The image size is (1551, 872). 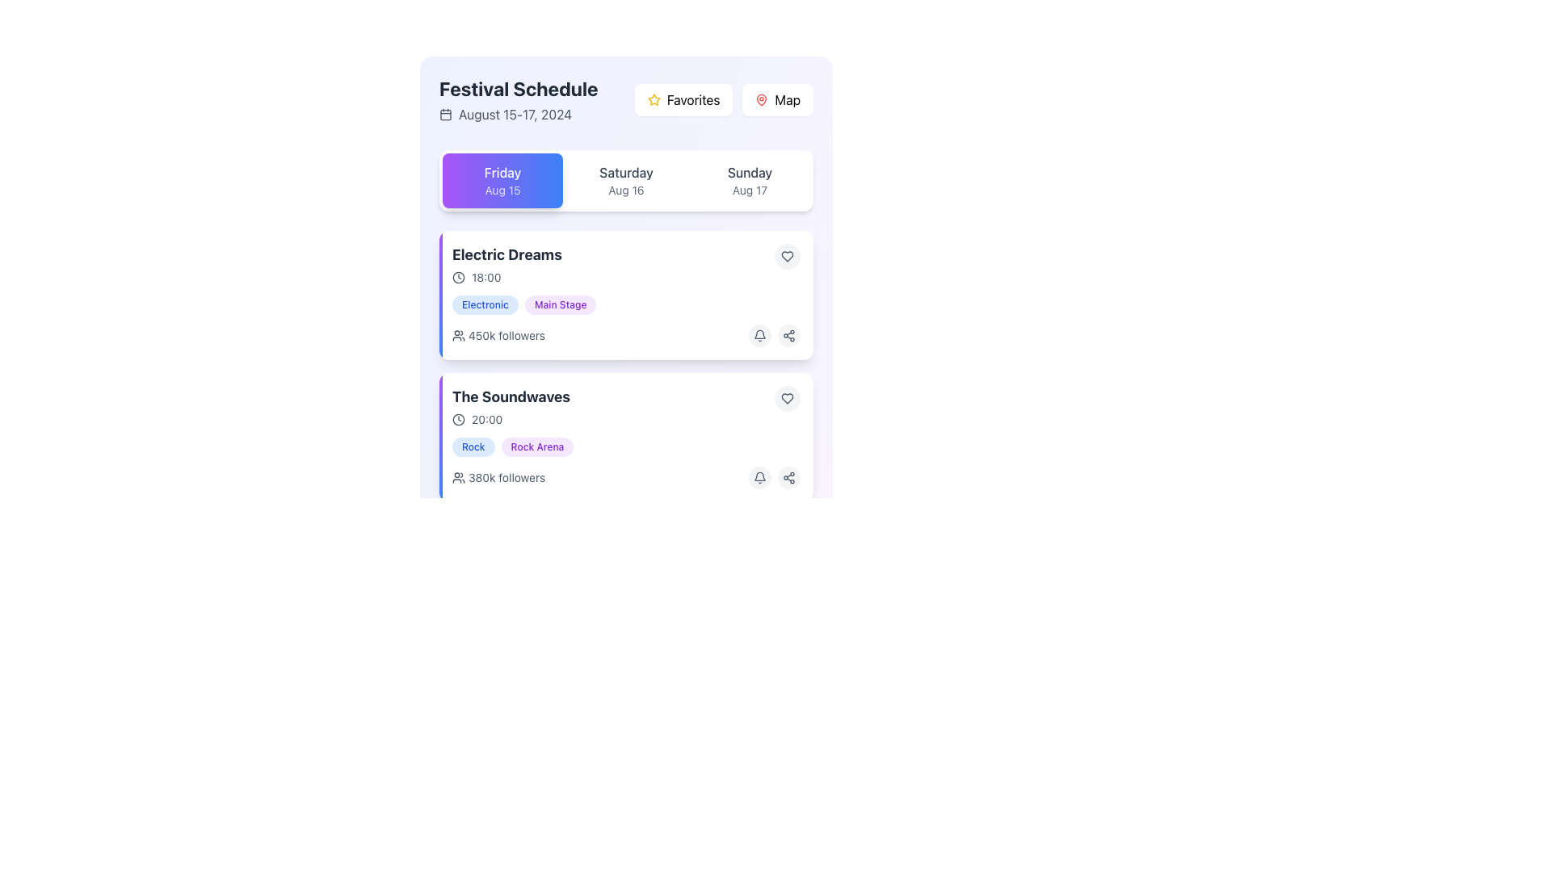 What do you see at coordinates (759, 618) in the screenshot?
I see `the notification toggle button located to the right of 'The Soundwaves' schedule entry` at bounding box center [759, 618].